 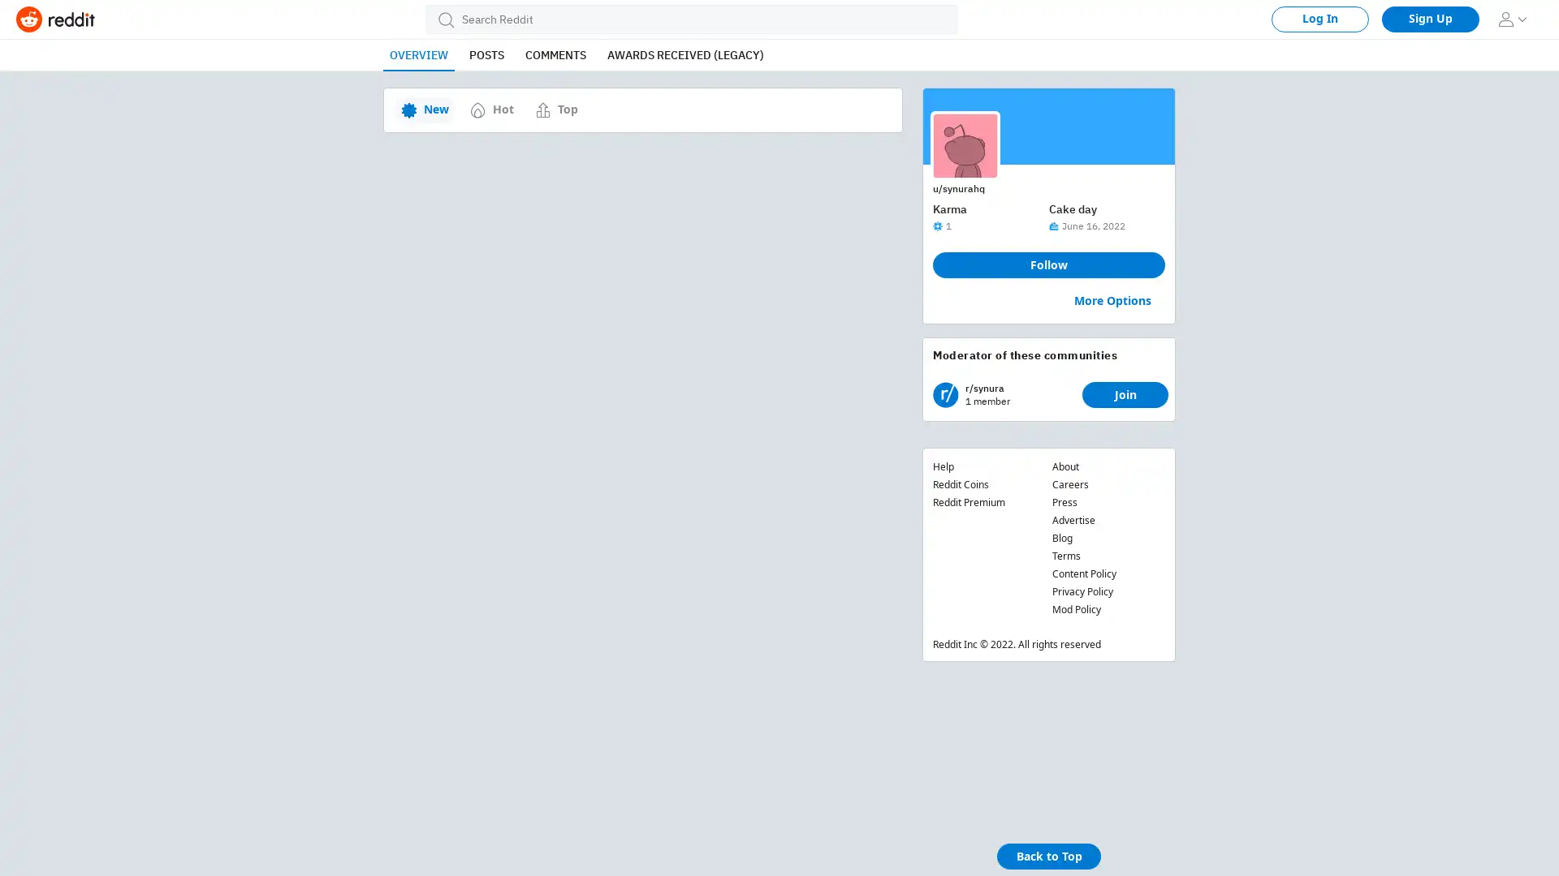 I want to click on upvote, so click(x=400, y=162).